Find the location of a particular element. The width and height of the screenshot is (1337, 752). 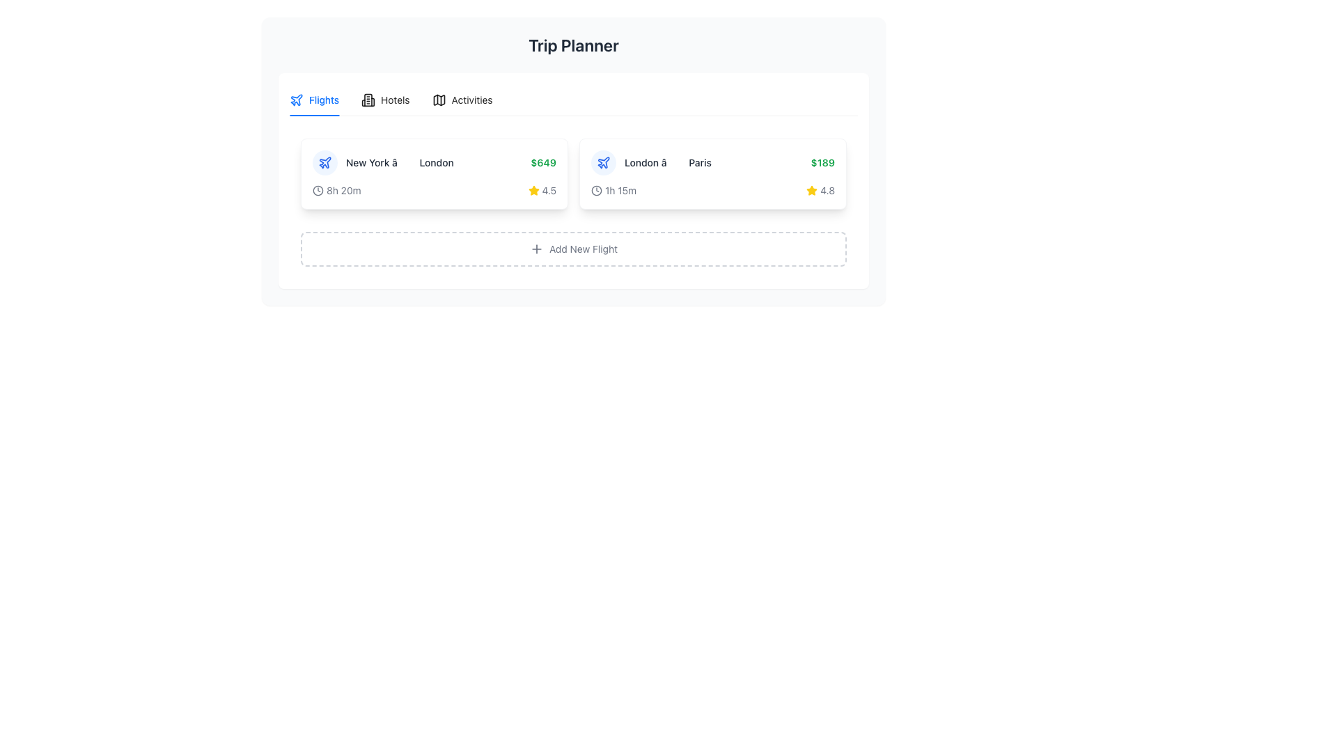

the Text label that informs the user about the duration of a flight, which is located in the top-left region of the flight-related card, next to the clock icon is located at coordinates (343, 190).